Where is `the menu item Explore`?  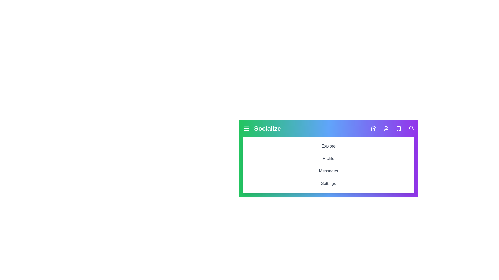 the menu item Explore is located at coordinates (328, 146).